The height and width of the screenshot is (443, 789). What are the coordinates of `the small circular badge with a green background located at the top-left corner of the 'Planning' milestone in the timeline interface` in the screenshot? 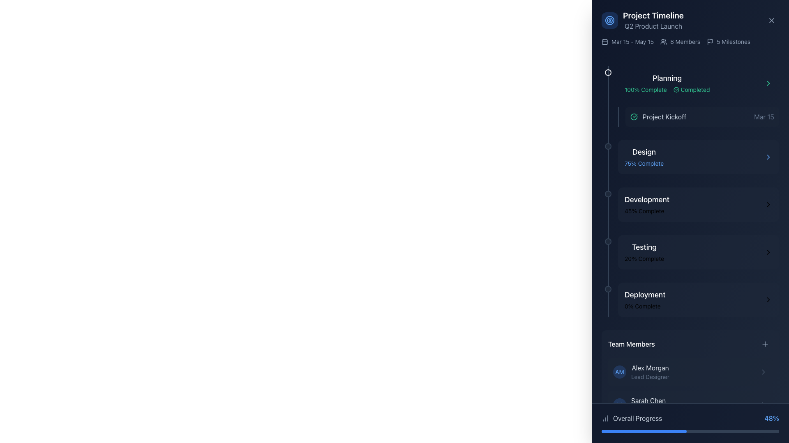 It's located at (608, 72).